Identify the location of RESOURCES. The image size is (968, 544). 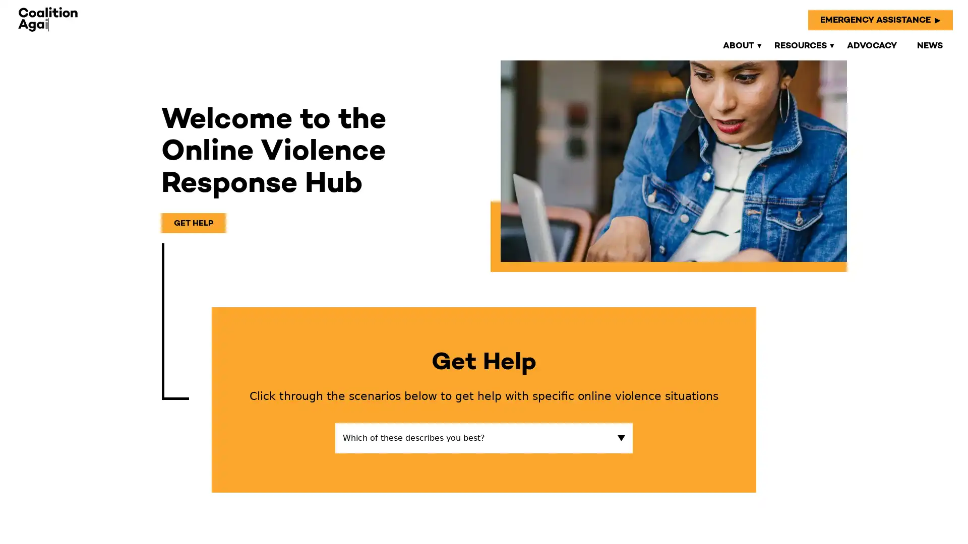
(800, 44).